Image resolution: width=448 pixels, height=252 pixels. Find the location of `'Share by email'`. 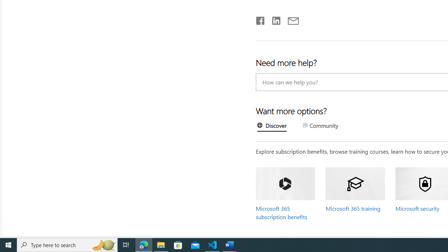

'Share by email' is located at coordinates (290, 19).